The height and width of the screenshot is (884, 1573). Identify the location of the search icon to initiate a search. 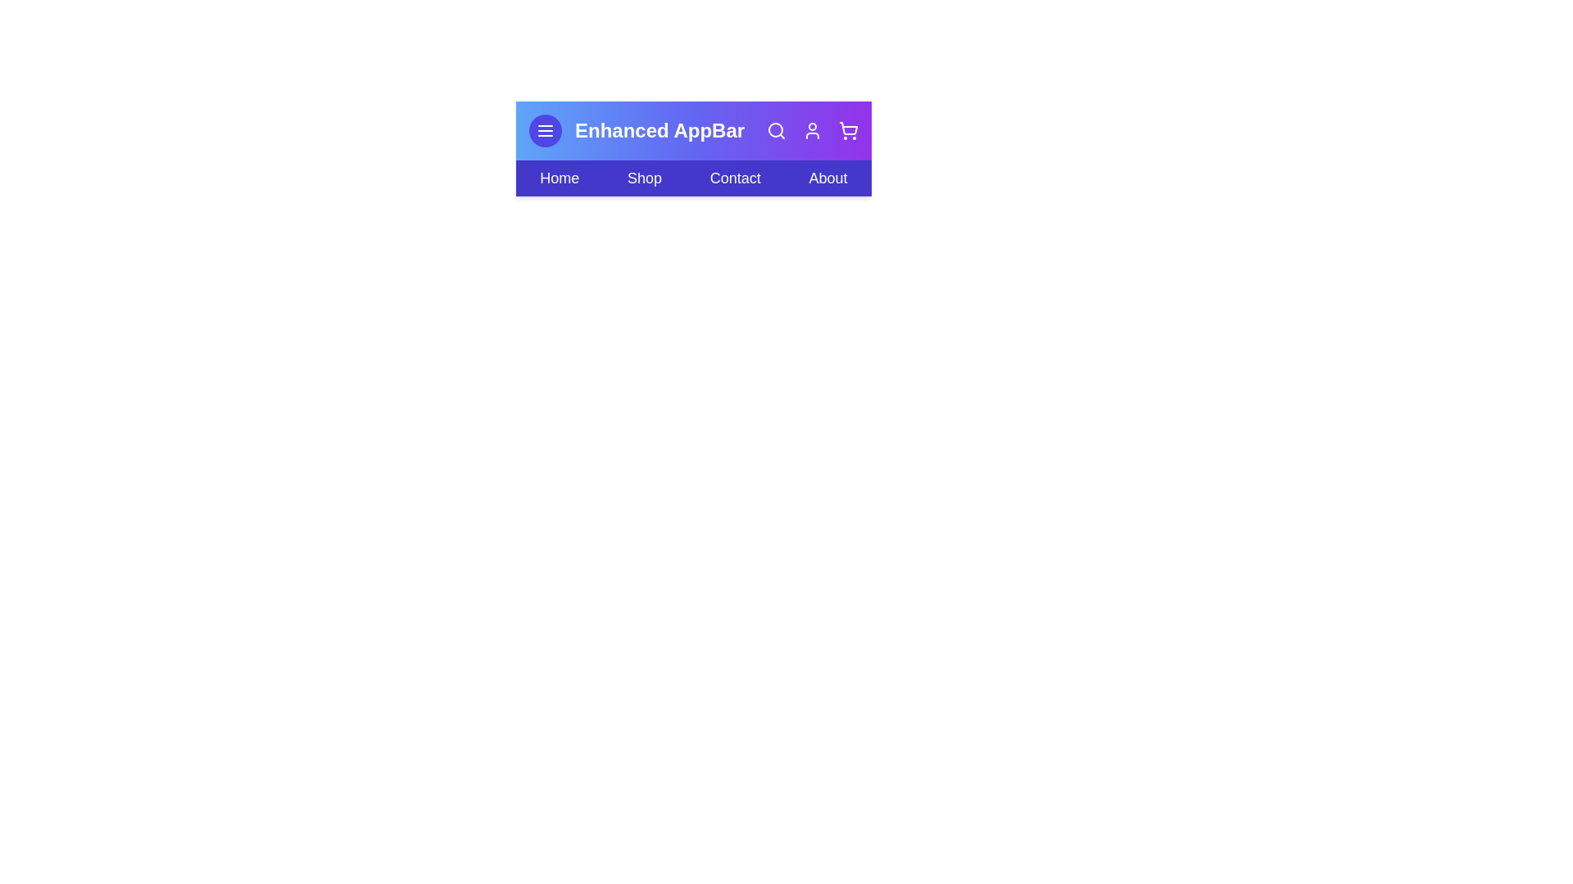
(776, 129).